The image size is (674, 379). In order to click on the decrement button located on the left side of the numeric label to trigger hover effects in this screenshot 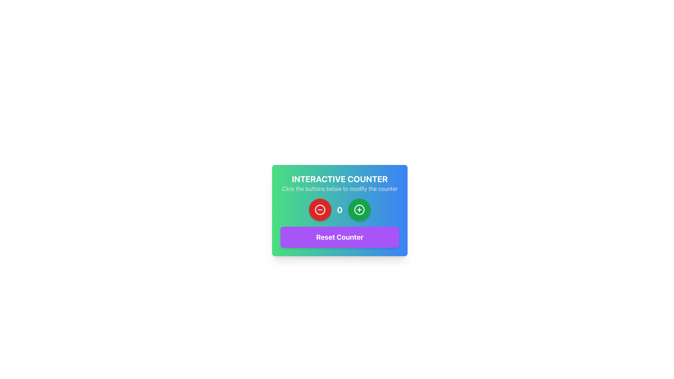, I will do `click(320, 209)`.